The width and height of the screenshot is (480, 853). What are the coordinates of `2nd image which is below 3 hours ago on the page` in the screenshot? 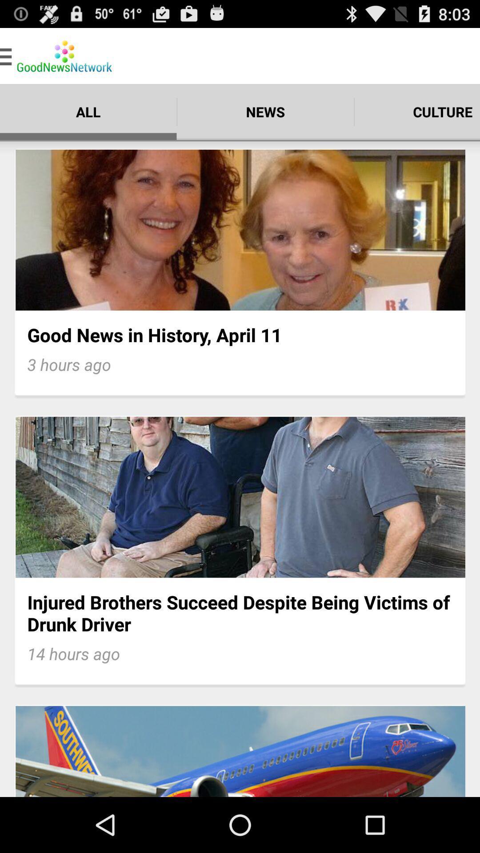 It's located at (240, 497).